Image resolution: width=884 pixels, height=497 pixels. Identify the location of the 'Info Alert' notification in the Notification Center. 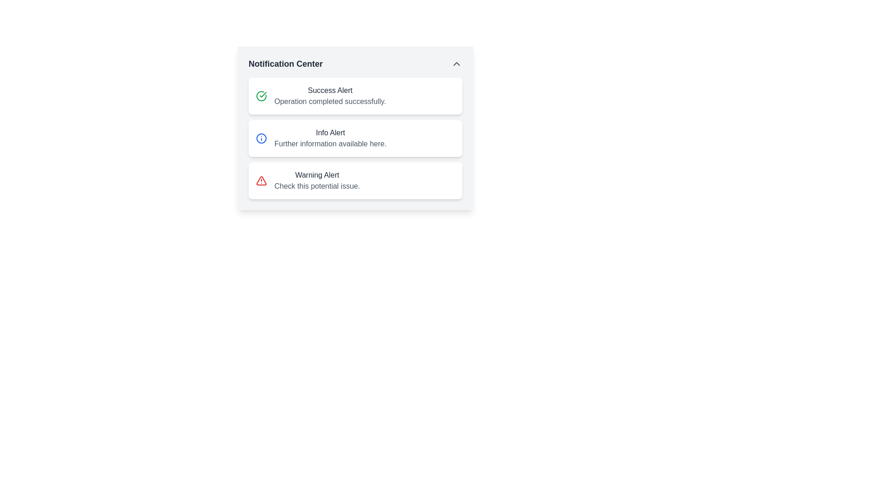
(330, 138).